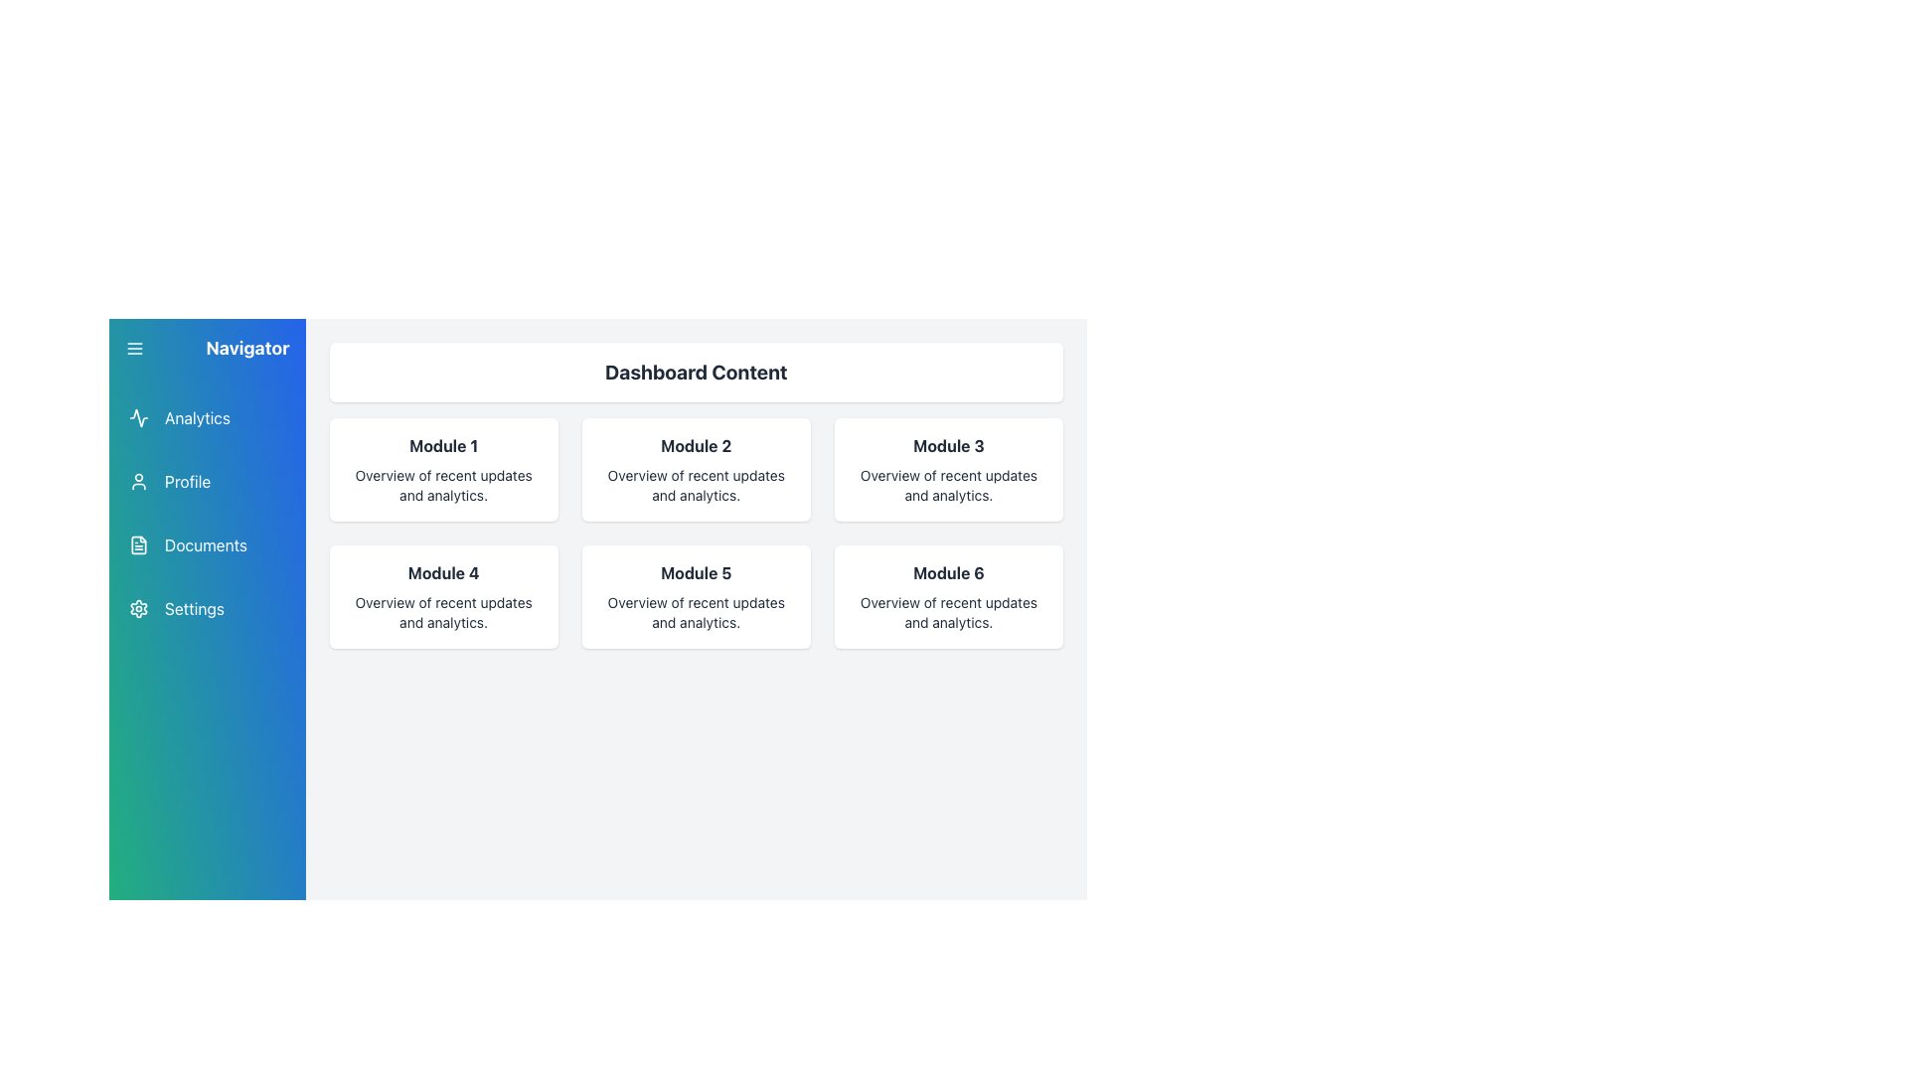  Describe the element at coordinates (696, 612) in the screenshot. I see `text element providing a summary or description located below the title 'Module 5' in the card labeled 'Module 5'` at that location.